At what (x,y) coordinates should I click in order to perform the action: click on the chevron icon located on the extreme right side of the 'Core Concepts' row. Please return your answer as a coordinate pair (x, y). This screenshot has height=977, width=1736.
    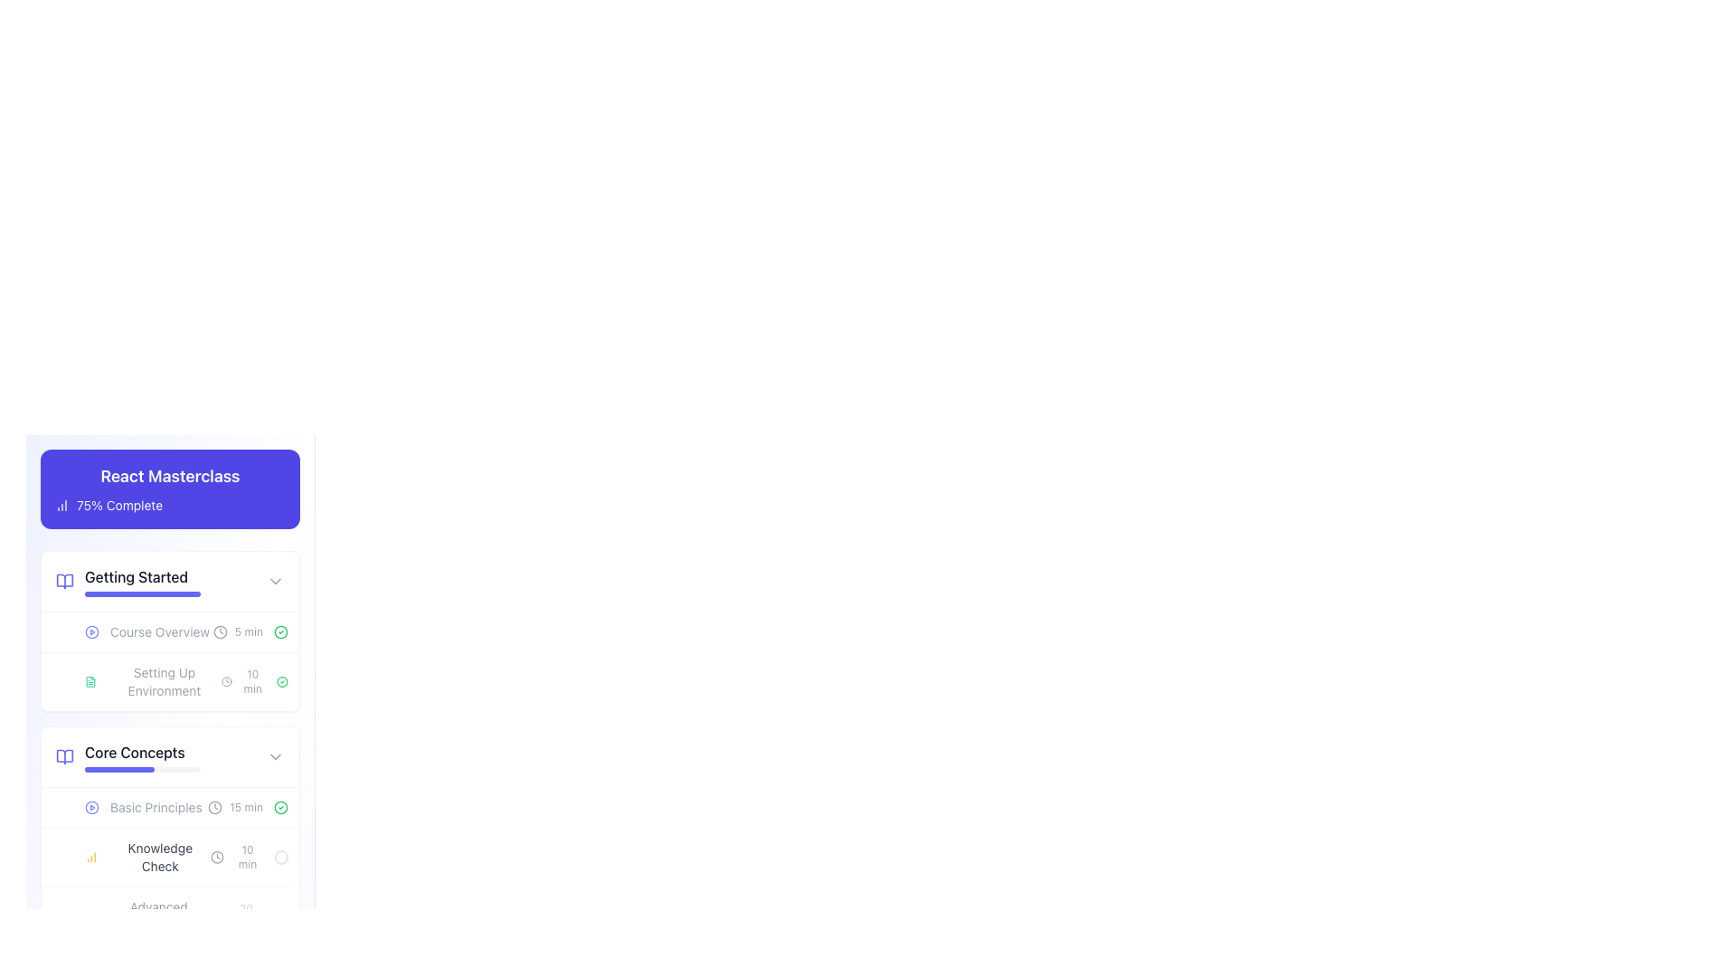
    Looking at the image, I should click on (275, 757).